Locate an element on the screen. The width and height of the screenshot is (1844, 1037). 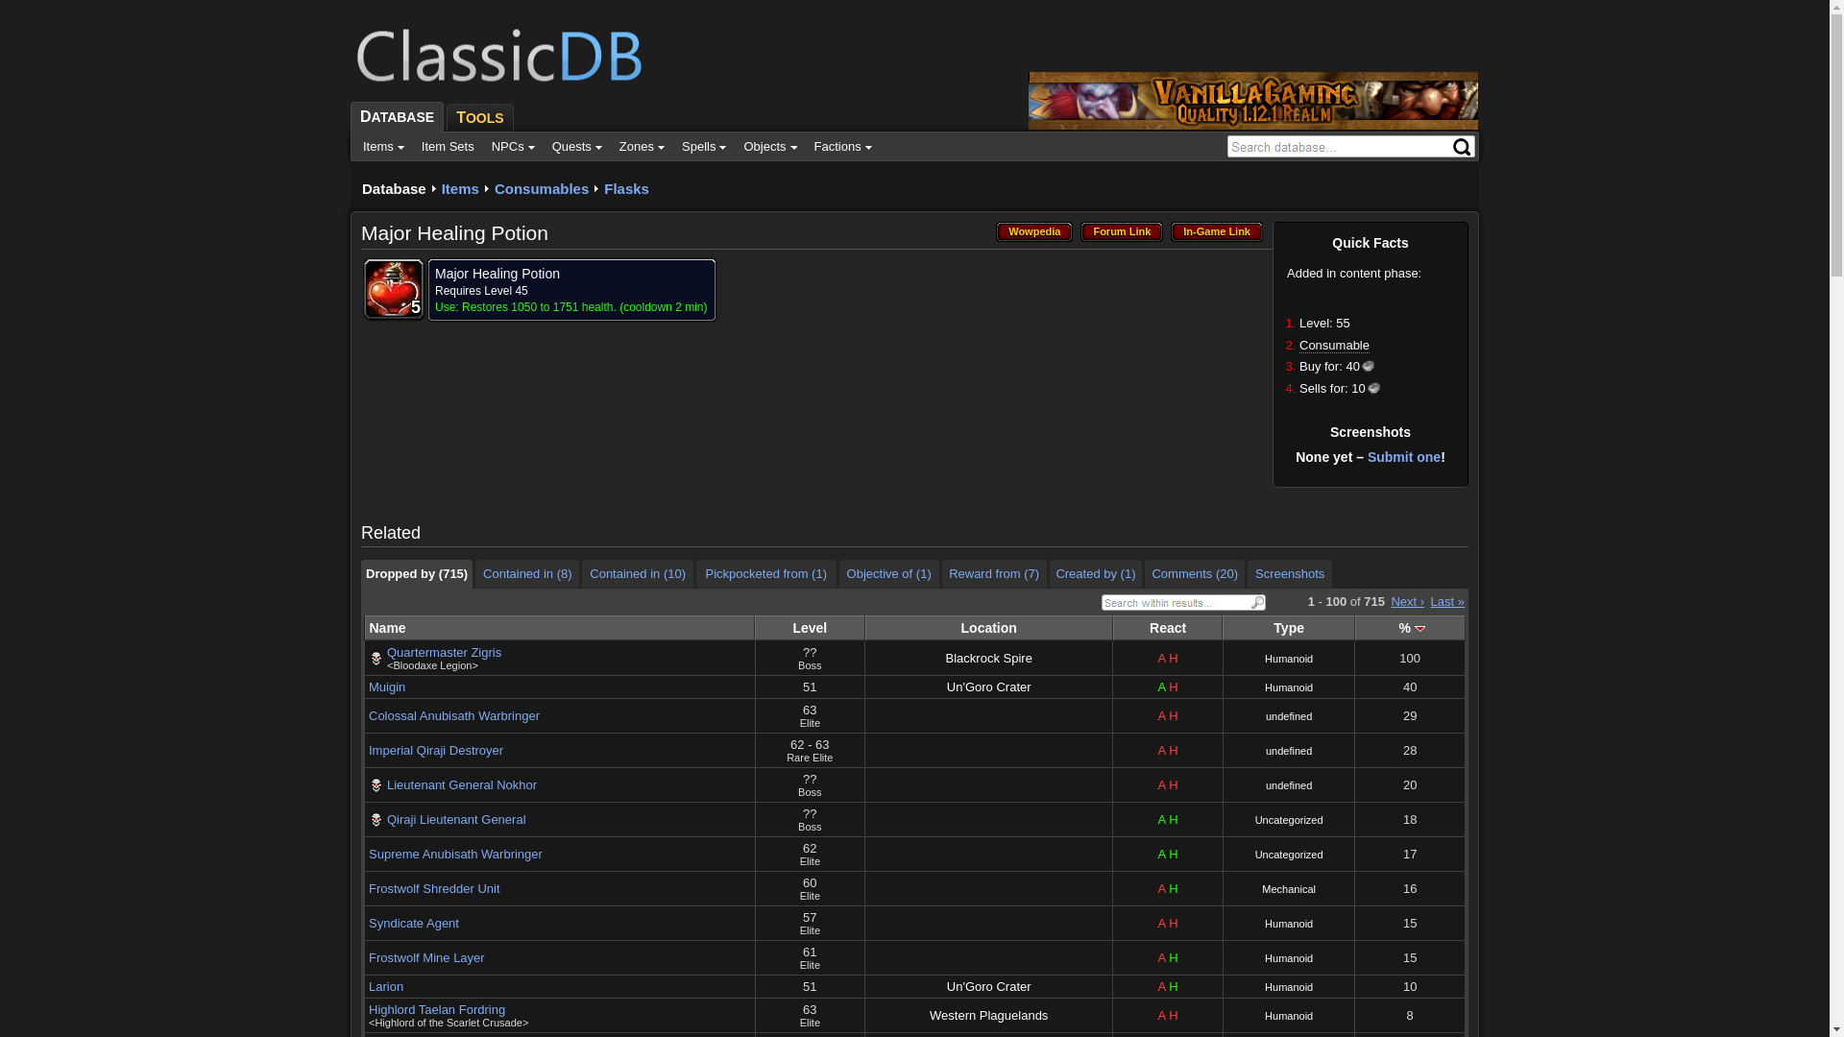
'Spells' is located at coordinates (703, 145).